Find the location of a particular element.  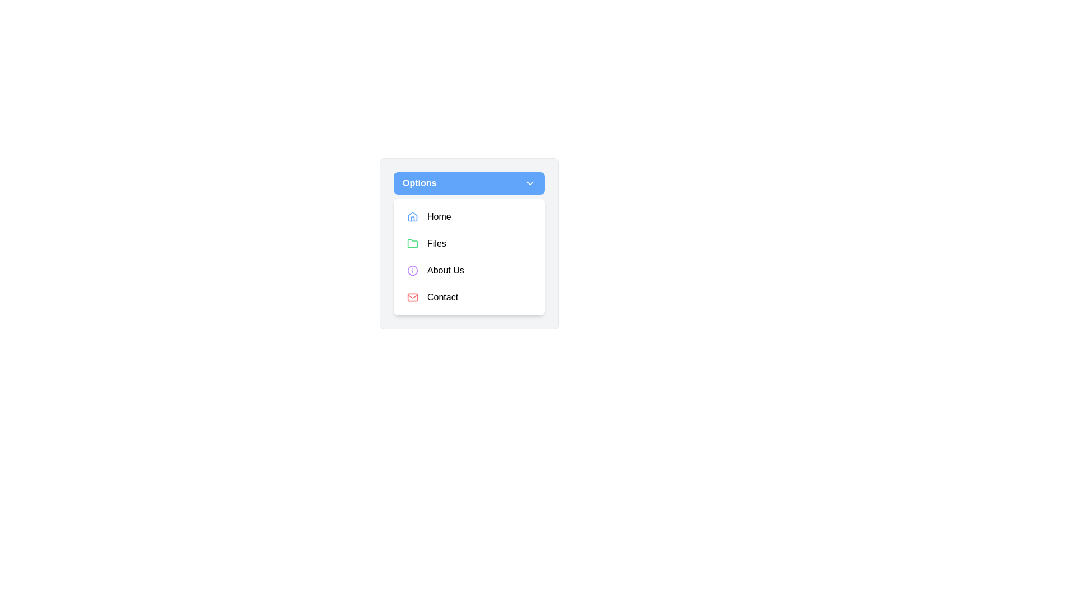

the drop-down menu icon located on the right end of the blue 'Options' button is located at coordinates (530, 182).